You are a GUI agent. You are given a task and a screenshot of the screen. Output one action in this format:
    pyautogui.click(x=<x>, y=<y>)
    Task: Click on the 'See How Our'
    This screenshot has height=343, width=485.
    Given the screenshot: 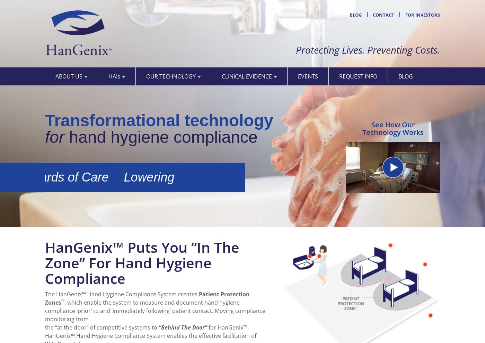 What is the action you would take?
    pyautogui.click(x=393, y=124)
    